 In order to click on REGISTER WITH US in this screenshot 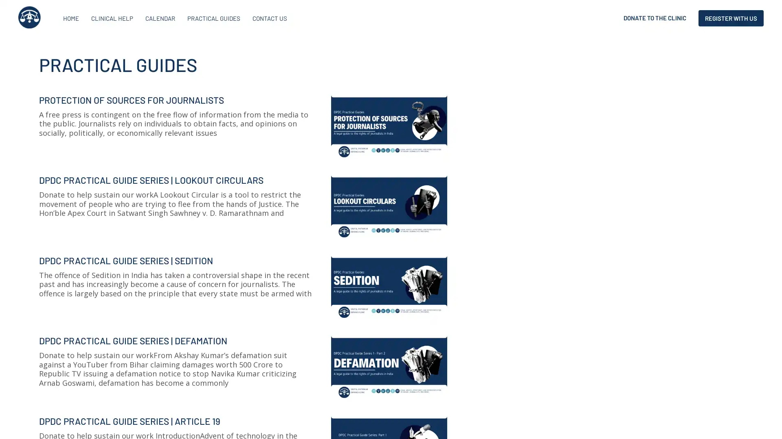, I will do `click(731, 18)`.